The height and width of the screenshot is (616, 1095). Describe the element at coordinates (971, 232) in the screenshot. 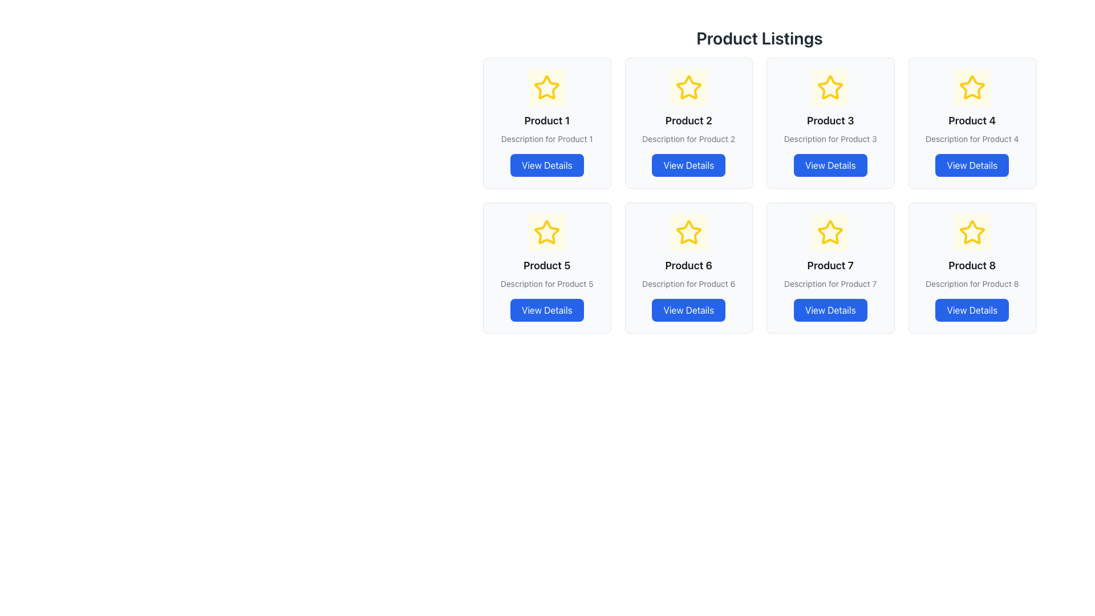

I see `the yellow star icon with a hollow center located in the 'Product 8' tile` at that location.